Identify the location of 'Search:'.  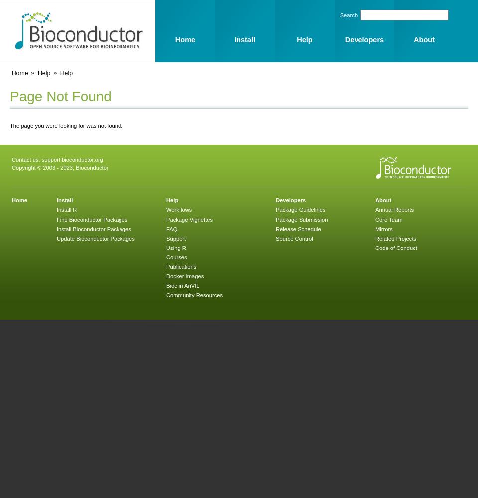
(350, 15).